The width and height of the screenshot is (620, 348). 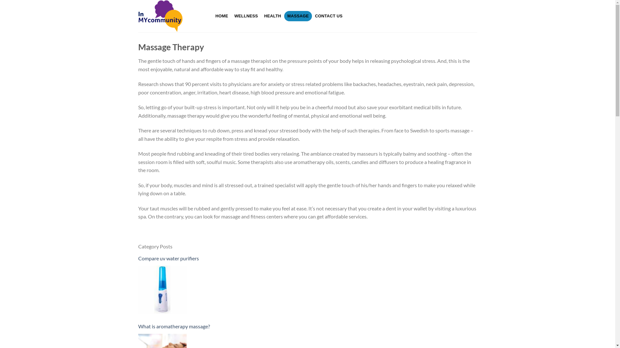 What do you see at coordinates (138, 258) in the screenshot?
I see `'Compare uv water purifiers'` at bounding box center [138, 258].